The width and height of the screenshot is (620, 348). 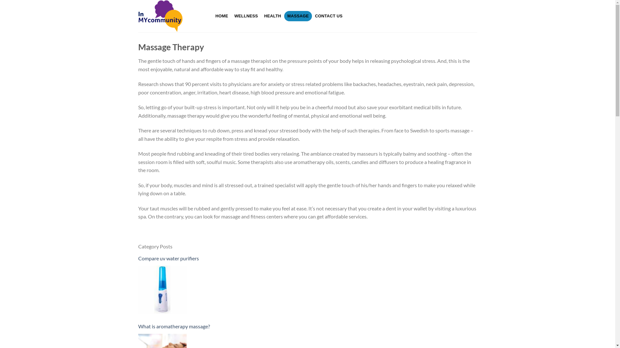 What do you see at coordinates (138, 258) in the screenshot?
I see `'Compare uv water purifiers'` at bounding box center [138, 258].